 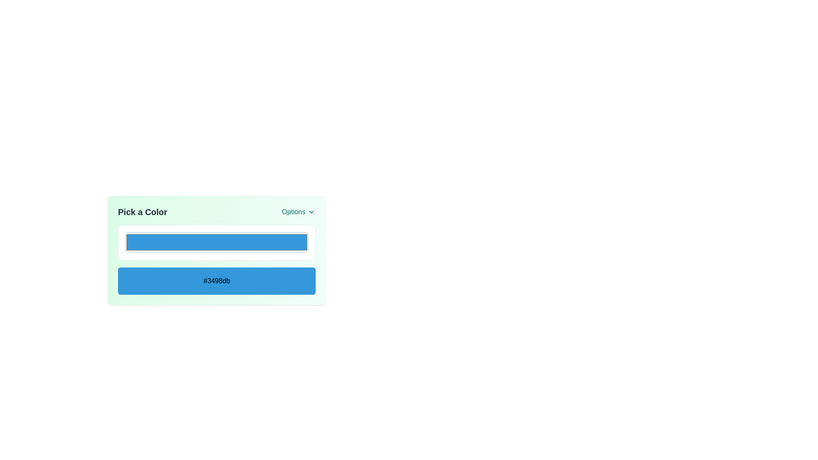 I want to click on the teal downward-pointing chevron icon located to the right of the 'Options' text, so click(x=311, y=211).